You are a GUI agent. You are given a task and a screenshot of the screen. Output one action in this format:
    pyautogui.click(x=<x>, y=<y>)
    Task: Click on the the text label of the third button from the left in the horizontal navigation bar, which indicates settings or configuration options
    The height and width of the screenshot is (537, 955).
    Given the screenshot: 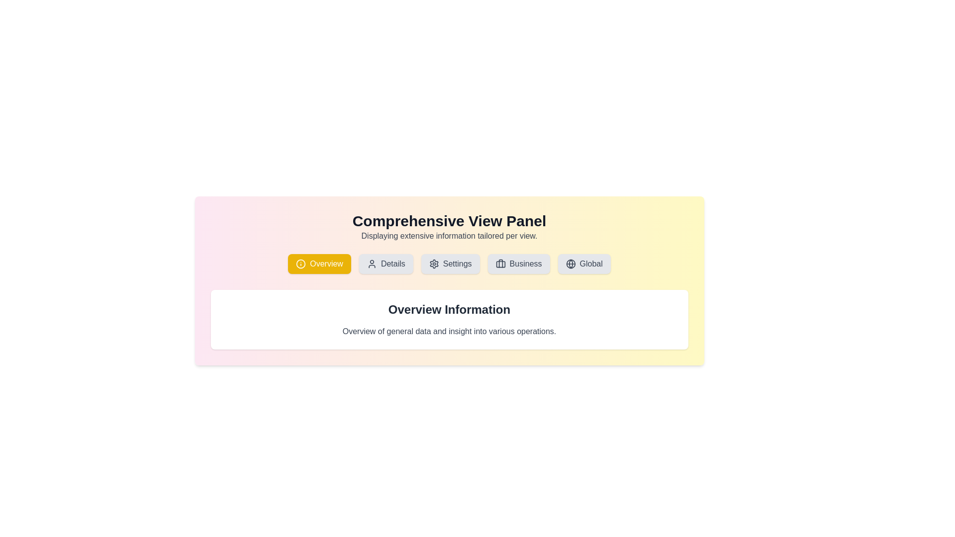 What is the action you would take?
    pyautogui.click(x=457, y=264)
    